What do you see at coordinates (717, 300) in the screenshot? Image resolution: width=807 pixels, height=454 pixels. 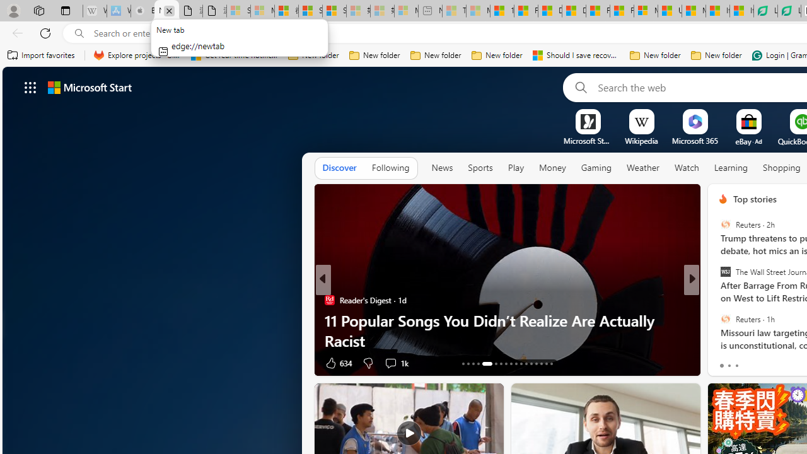 I see `'Ash & Pri'` at bounding box center [717, 300].